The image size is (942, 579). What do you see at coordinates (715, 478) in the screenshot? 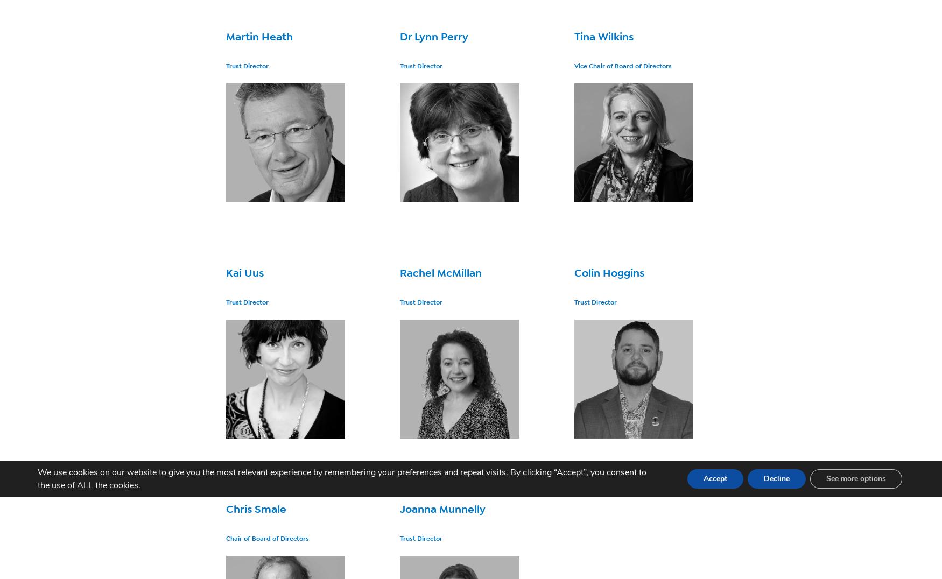
I see `'Accept'` at bounding box center [715, 478].